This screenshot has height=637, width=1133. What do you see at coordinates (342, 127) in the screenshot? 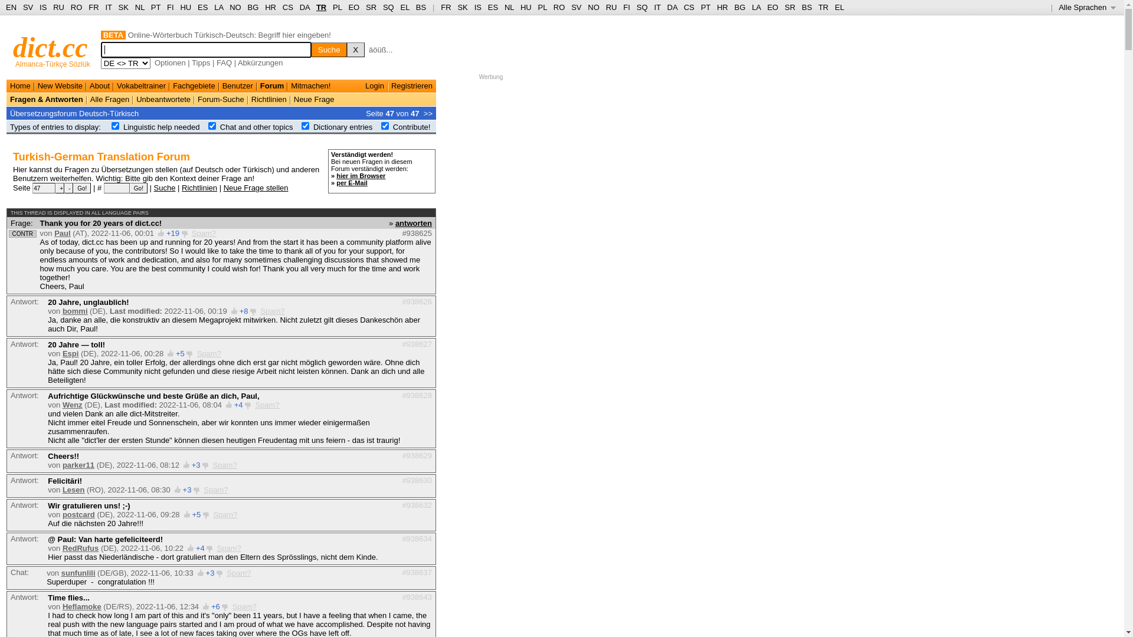
I see `'Dictionary entries'` at bounding box center [342, 127].